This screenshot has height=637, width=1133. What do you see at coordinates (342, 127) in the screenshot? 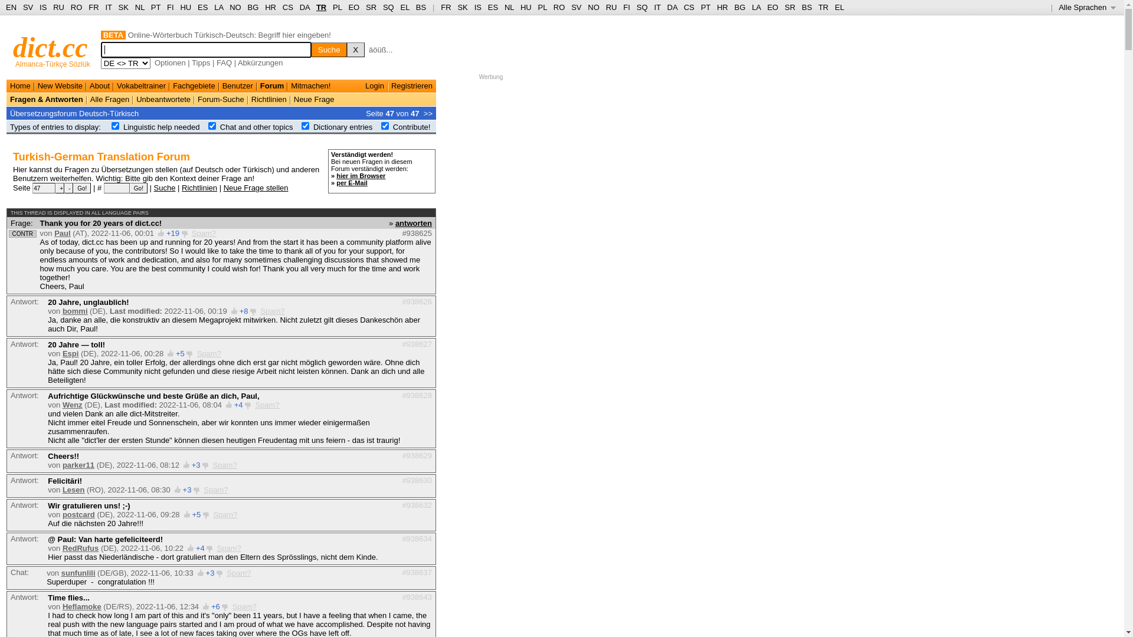
I see `'Dictionary entries'` at bounding box center [342, 127].